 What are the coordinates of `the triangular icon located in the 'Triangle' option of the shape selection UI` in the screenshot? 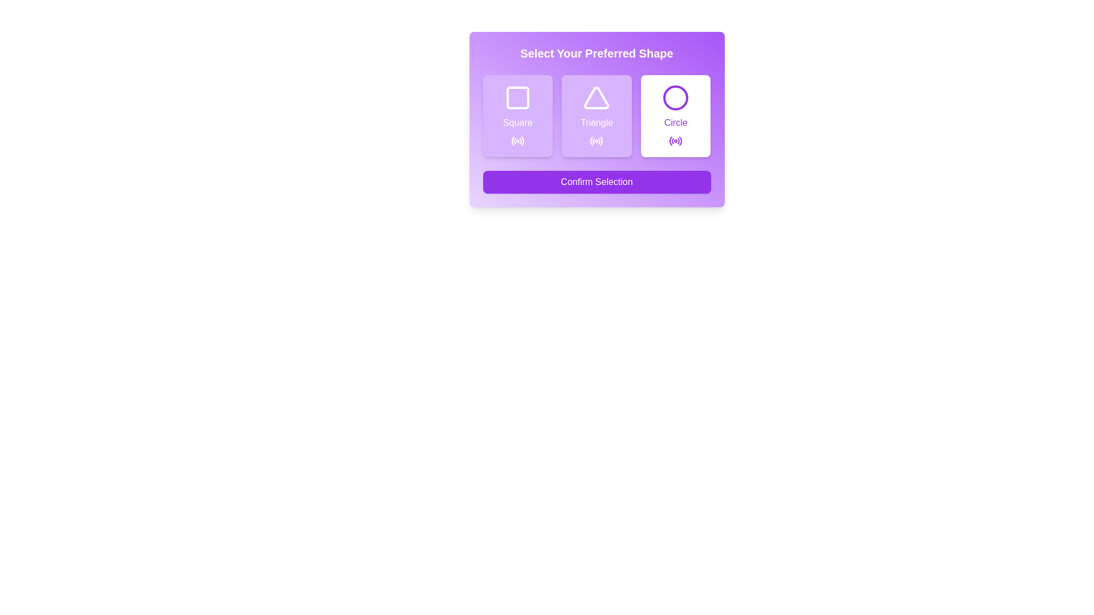 It's located at (596, 97).